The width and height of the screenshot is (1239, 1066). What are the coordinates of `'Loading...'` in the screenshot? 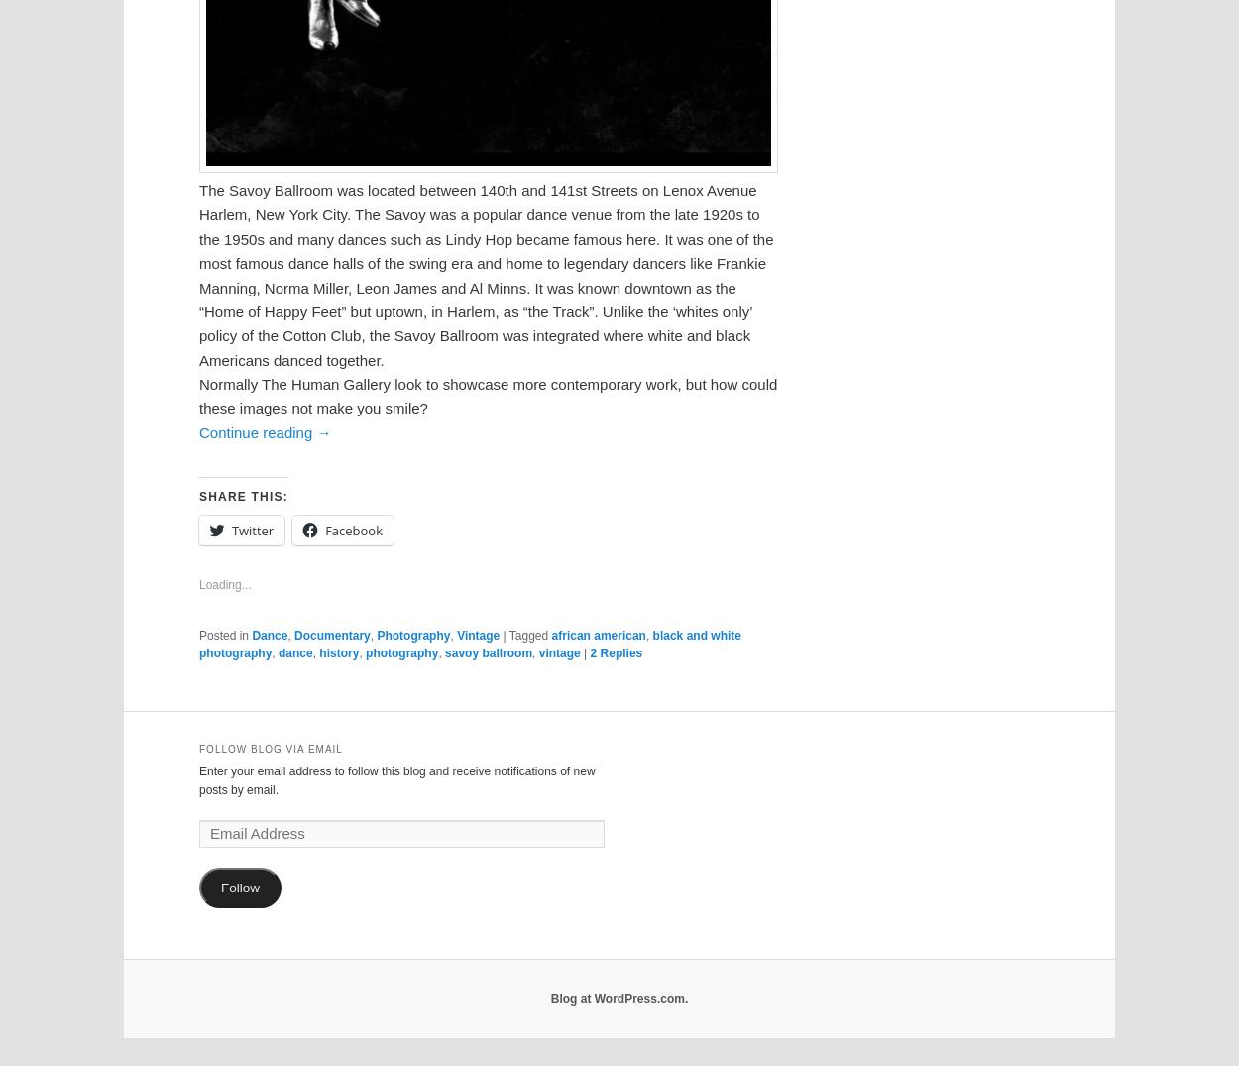 It's located at (224, 583).